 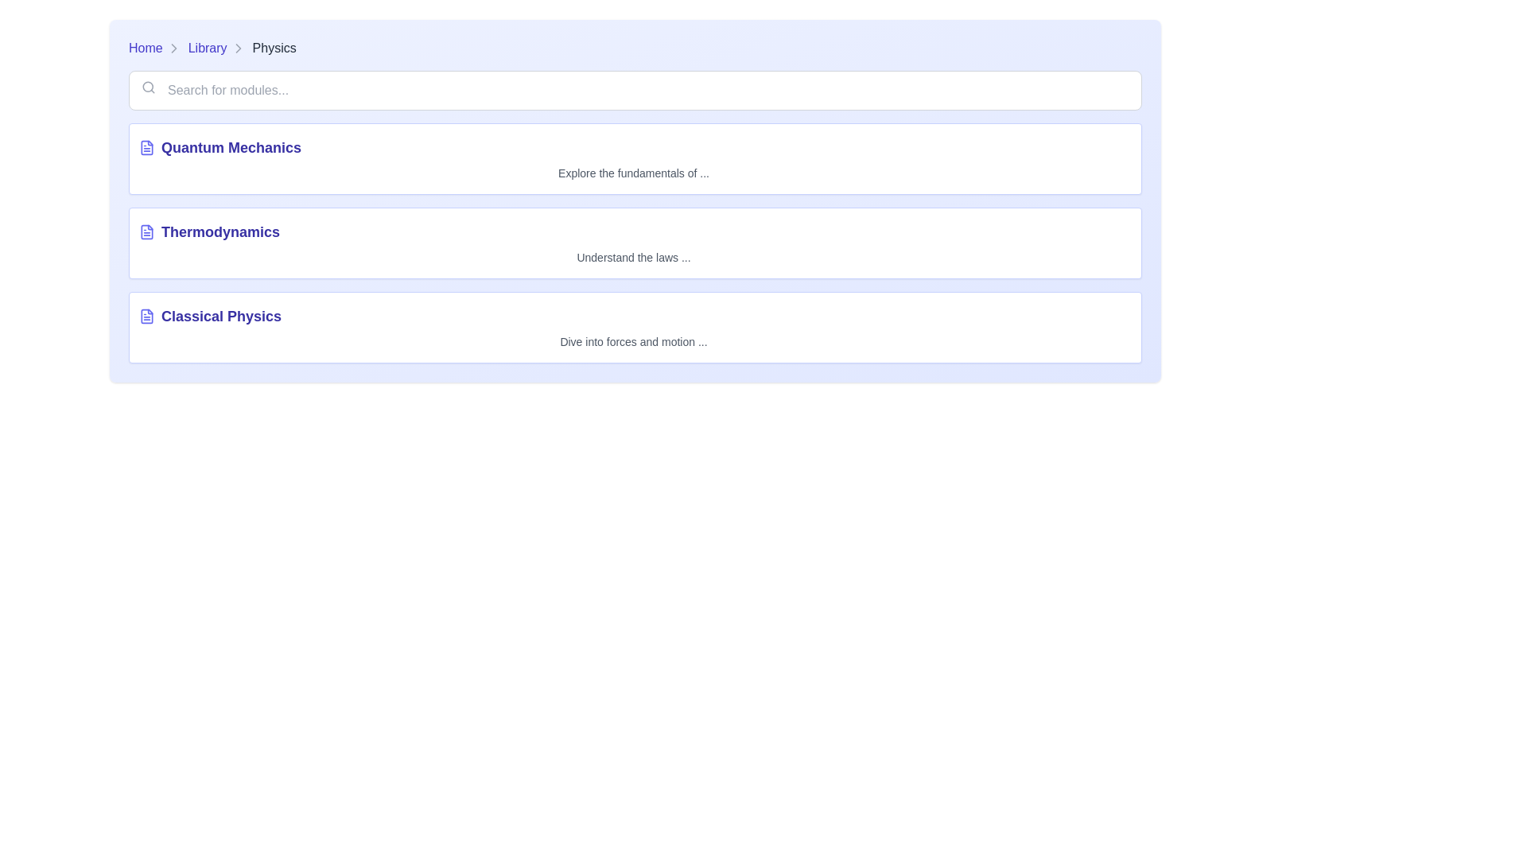 I want to click on the 'Classical Physics' icon located to the left of the label 'Classical Physics' and above its description text, so click(x=147, y=316).